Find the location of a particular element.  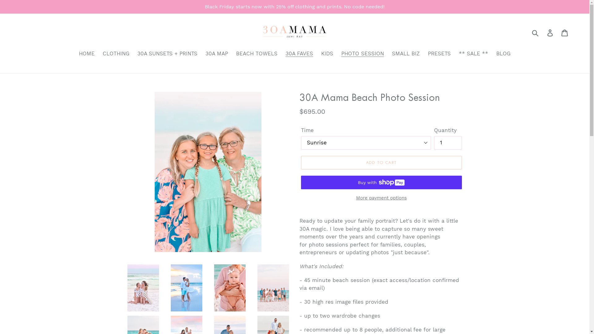

'Cart' is located at coordinates (565, 32).